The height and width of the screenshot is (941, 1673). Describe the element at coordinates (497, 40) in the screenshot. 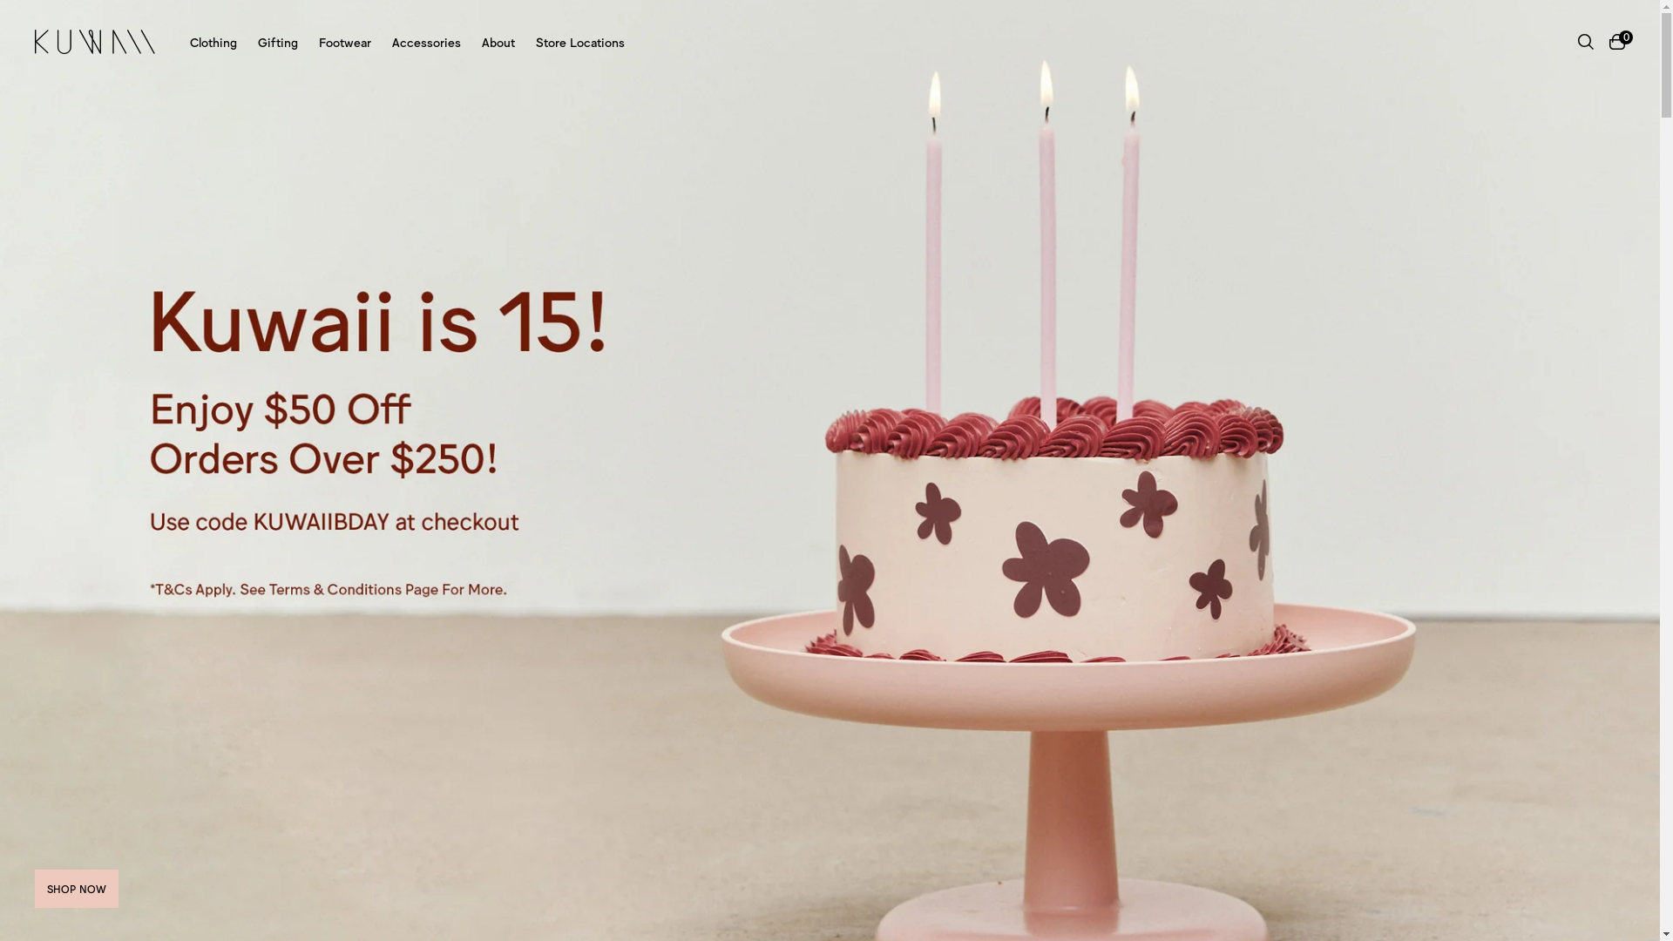

I see `'About'` at that location.